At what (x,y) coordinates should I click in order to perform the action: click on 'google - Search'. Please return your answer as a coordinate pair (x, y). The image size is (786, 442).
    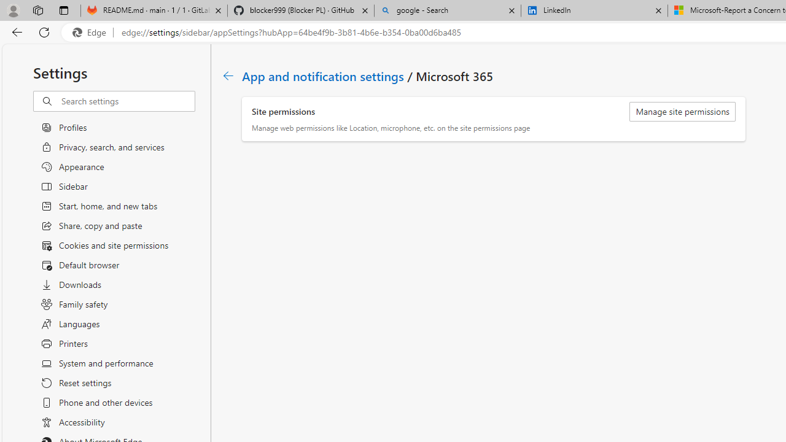
    Looking at the image, I should click on (447, 10).